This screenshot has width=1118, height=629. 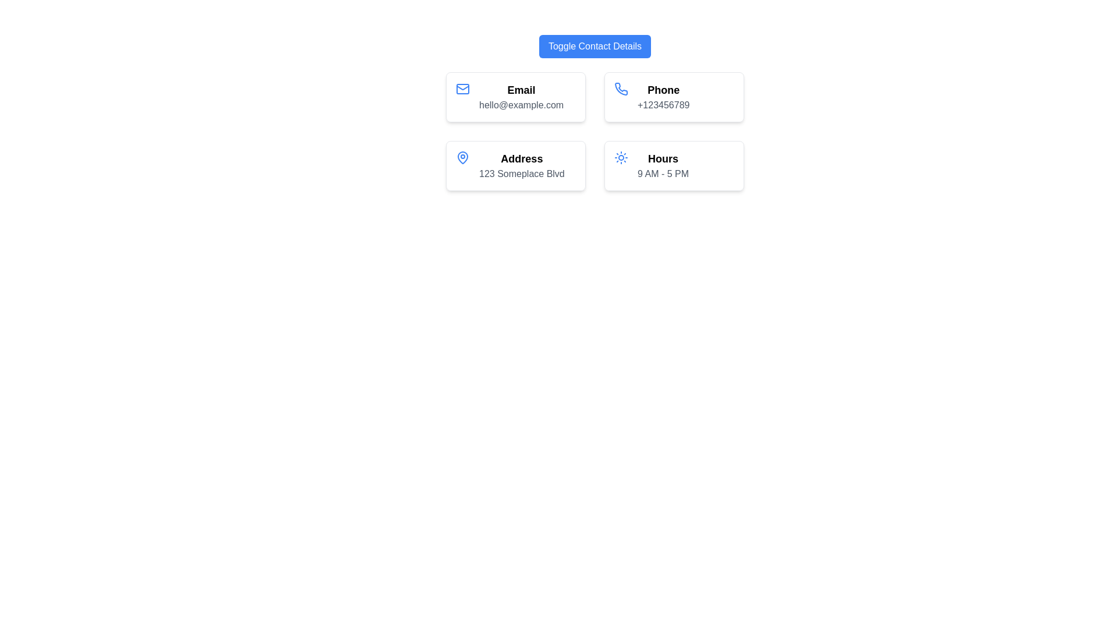 What do you see at coordinates (620, 166) in the screenshot?
I see `the blue sun-like icon located within the 'Hours' card, which displays the time range '9 AM - 5 PM'. This icon is the leftmost component in the card positioned at the bottom right among four cards` at bounding box center [620, 166].